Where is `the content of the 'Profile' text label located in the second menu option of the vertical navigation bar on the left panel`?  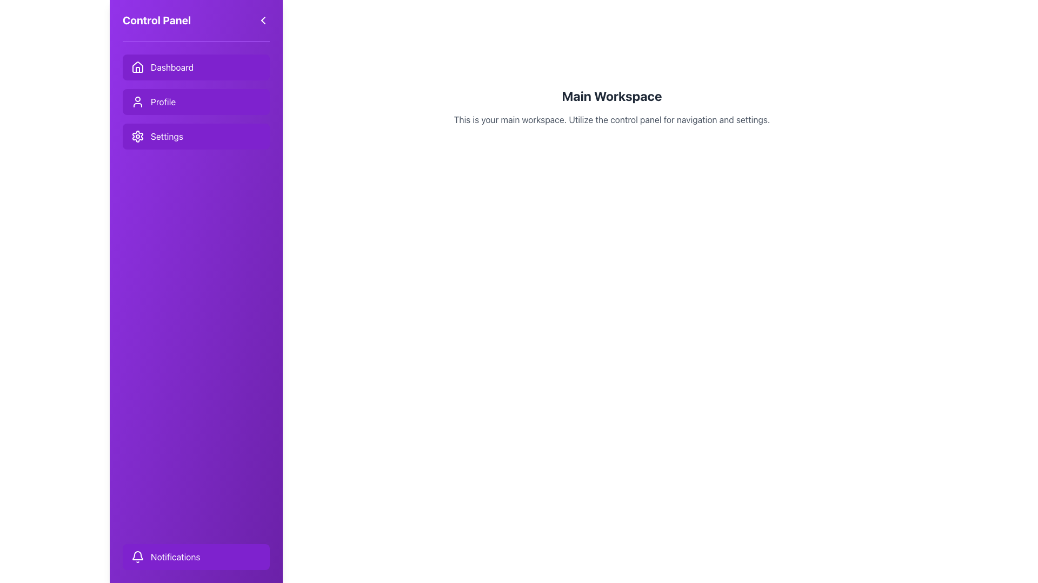 the content of the 'Profile' text label located in the second menu option of the vertical navigation bar on the left panel is located at coordinates (163, 102).